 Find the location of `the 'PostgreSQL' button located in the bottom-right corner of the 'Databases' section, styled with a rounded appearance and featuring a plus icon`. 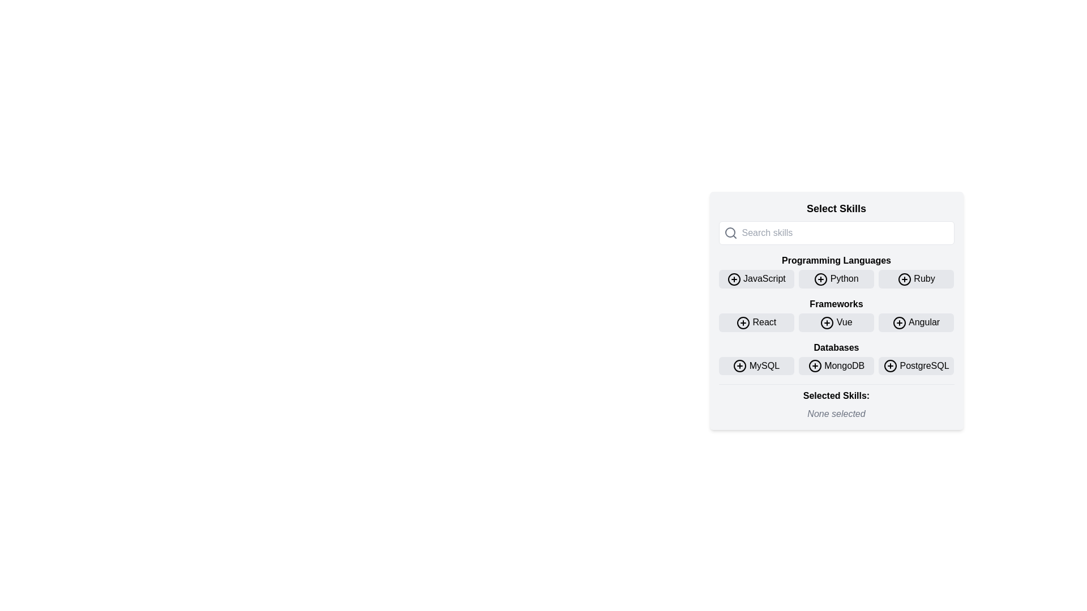

the 'PostgreSQL' button located in the bottom-right corner of the 'Databases' section, styled with a rounded appearance and featuring a plus icon is located at coordinates (916, 365).